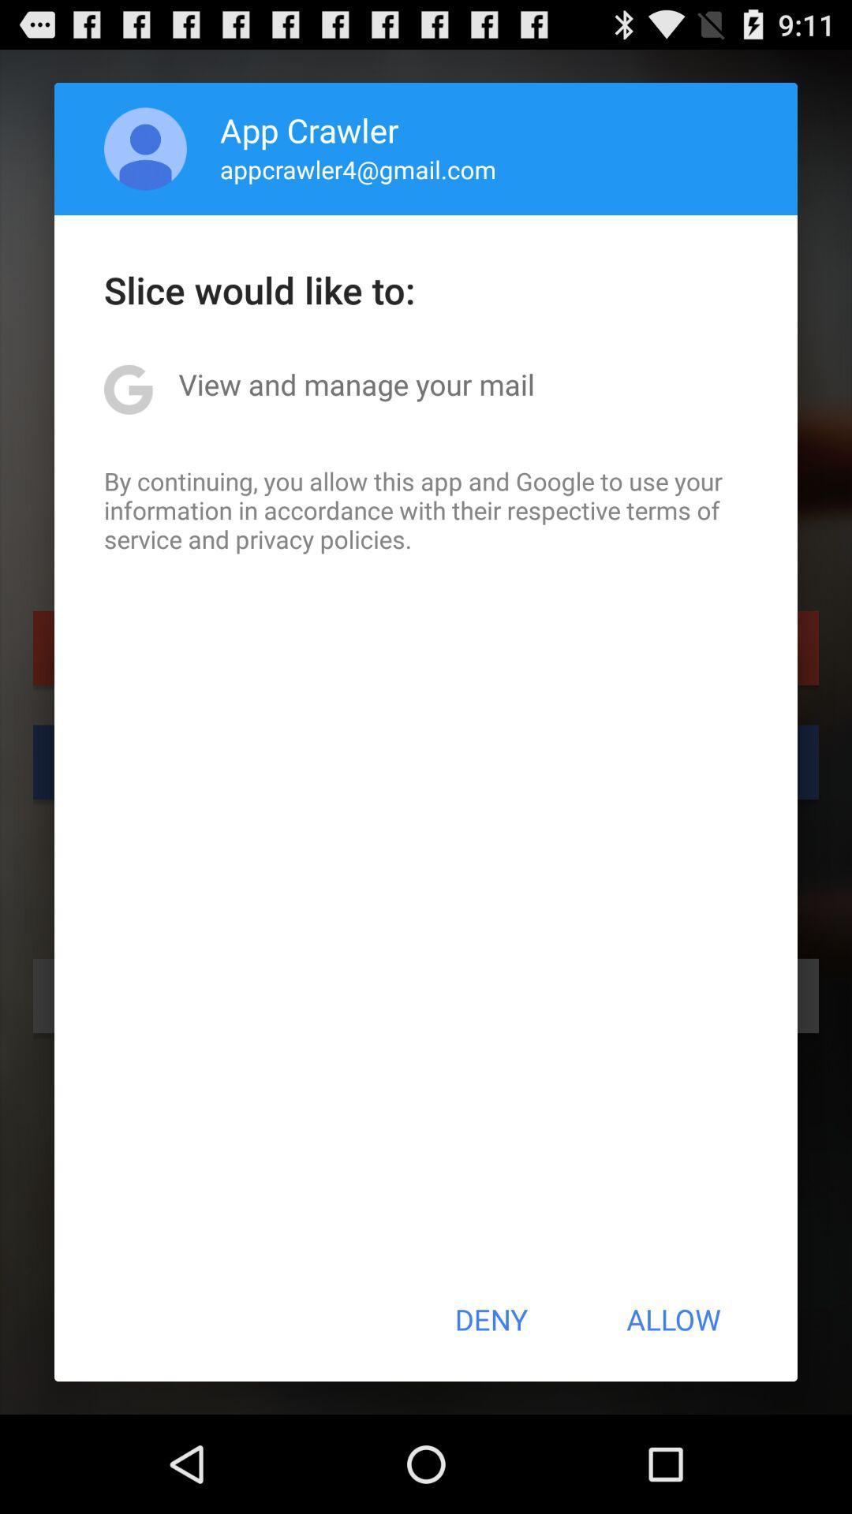  What do you see at coordinates (357, 384) in the screenshot?
I see `view and manage` at bounding box center [357, 384].